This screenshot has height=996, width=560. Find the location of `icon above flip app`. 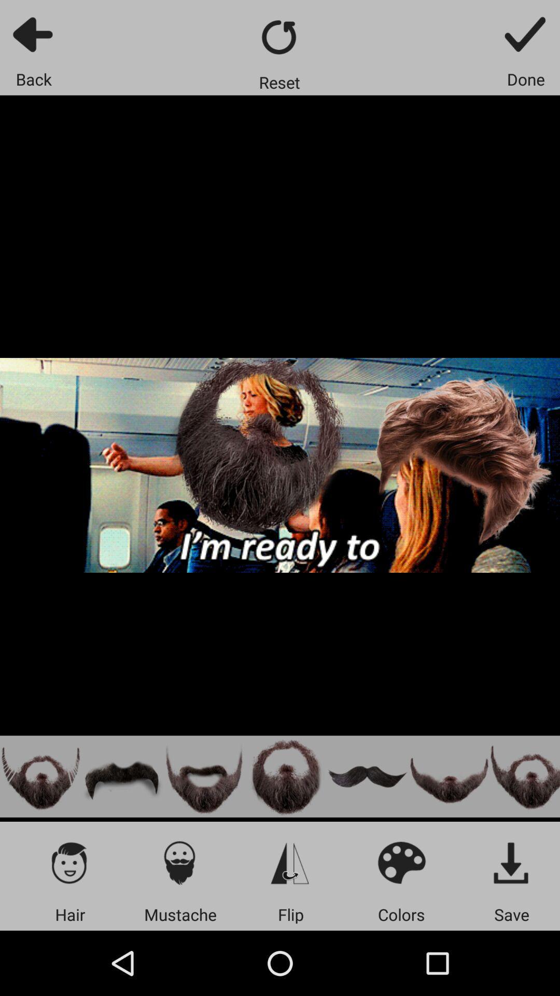

icon above flip app is located at coordinates (290, 862).